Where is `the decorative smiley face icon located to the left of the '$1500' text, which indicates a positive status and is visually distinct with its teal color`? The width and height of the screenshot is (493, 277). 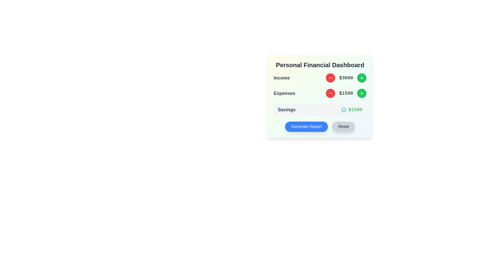 the decorative smiley face icon located to the left of the '$1500' text, which indicates a positive status and is visually distinct with its teal color is located at coordinates (344, 110).